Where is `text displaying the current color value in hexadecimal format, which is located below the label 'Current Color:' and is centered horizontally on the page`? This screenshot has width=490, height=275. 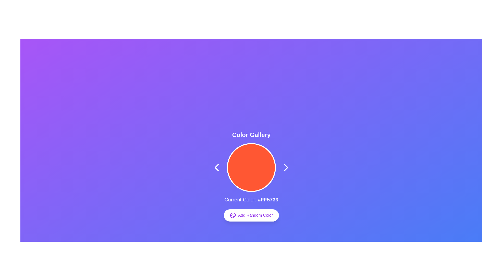 text displaying the current color value in hexadecimal format, which is located below the label 'Current Color:' and is centered horizontally on the page is located at coordinates (268, 199).